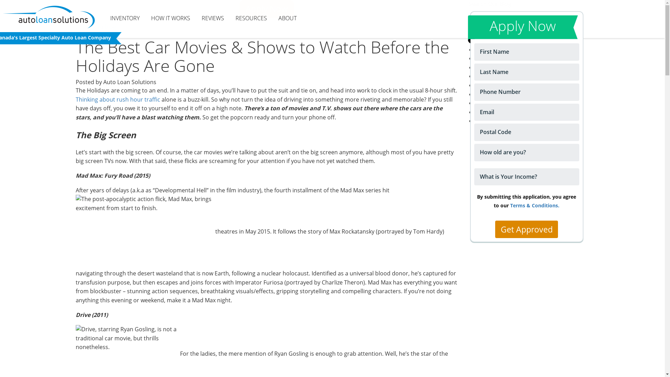 The height and width of the screenshot is (377, 670). I want to click on 'REVIEWS', so click(212, 18).